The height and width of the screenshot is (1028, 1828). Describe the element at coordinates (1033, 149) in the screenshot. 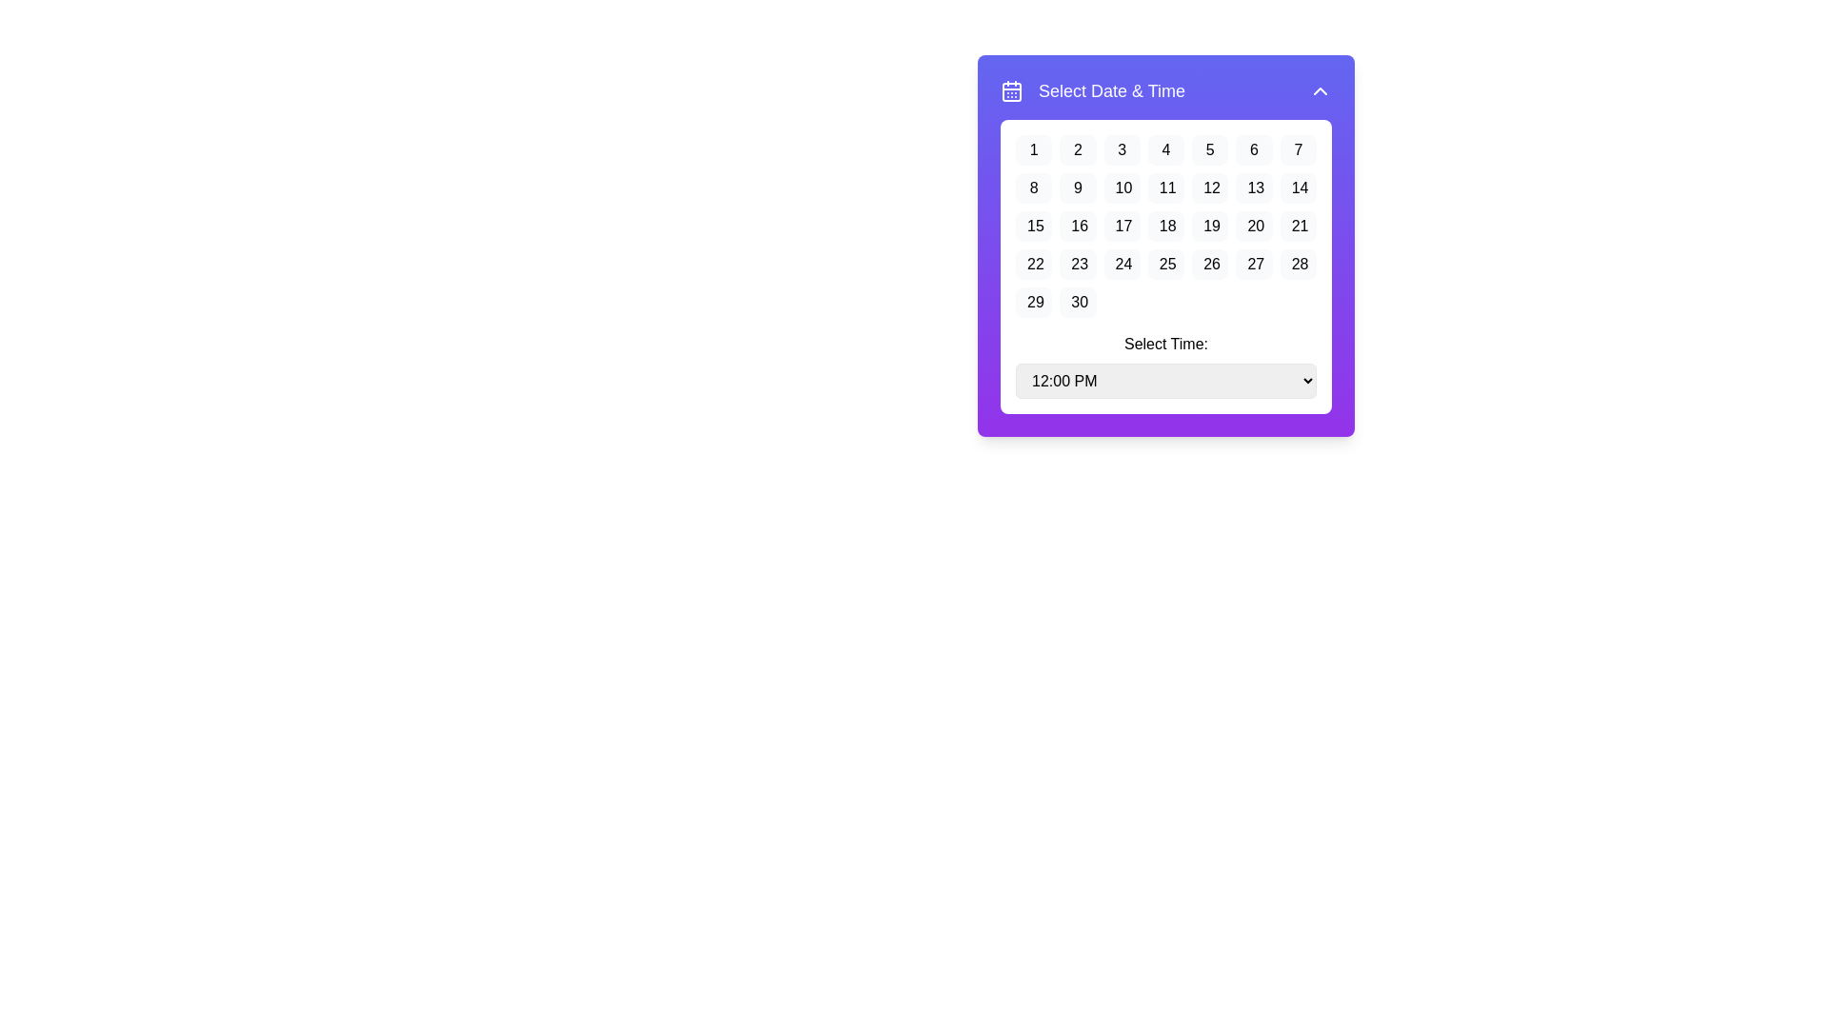

I see `the button displaying the numeral '1'` at that location.